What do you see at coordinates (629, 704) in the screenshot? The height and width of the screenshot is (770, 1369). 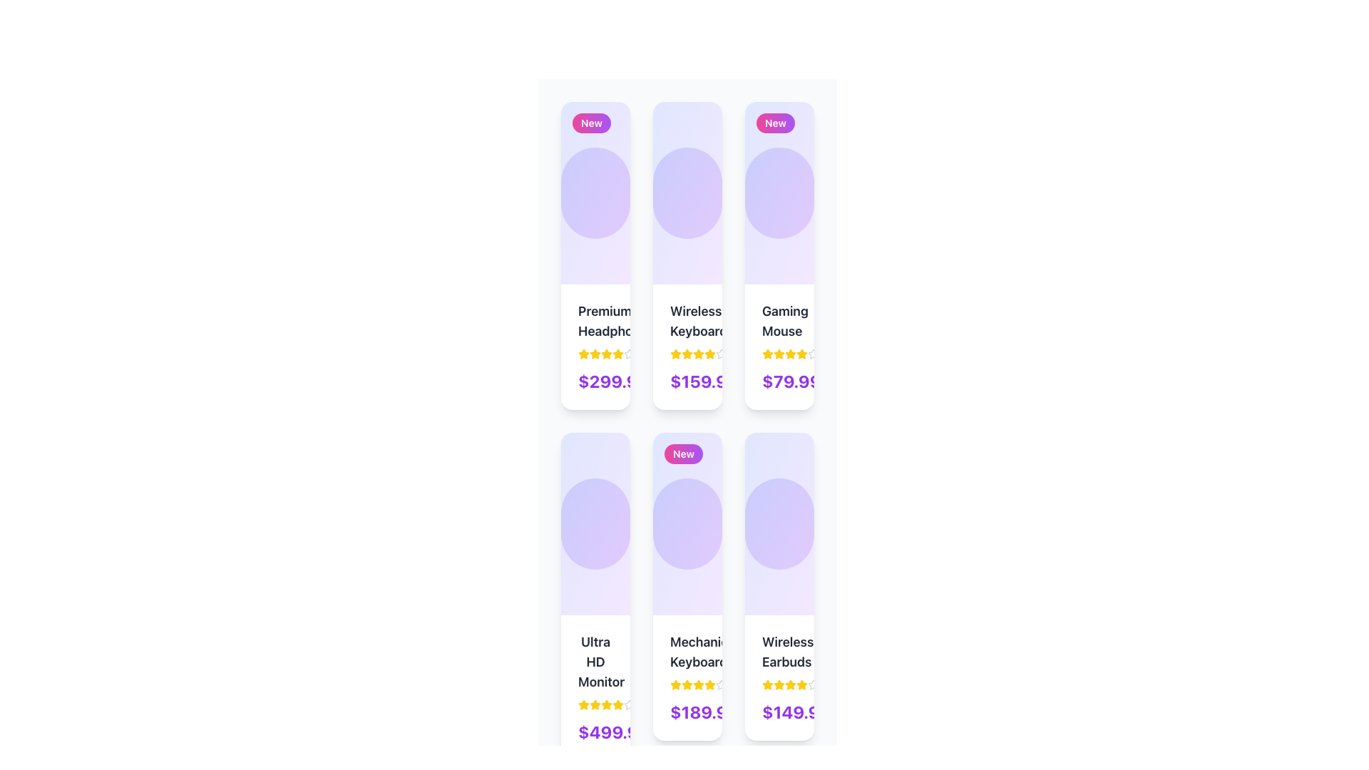 I see `the state of the fifth star icon in the star-based rating system for the product 'Ultra HD Monitor', located in the second row, first column of the card layout` at bounding box center [629, 704].